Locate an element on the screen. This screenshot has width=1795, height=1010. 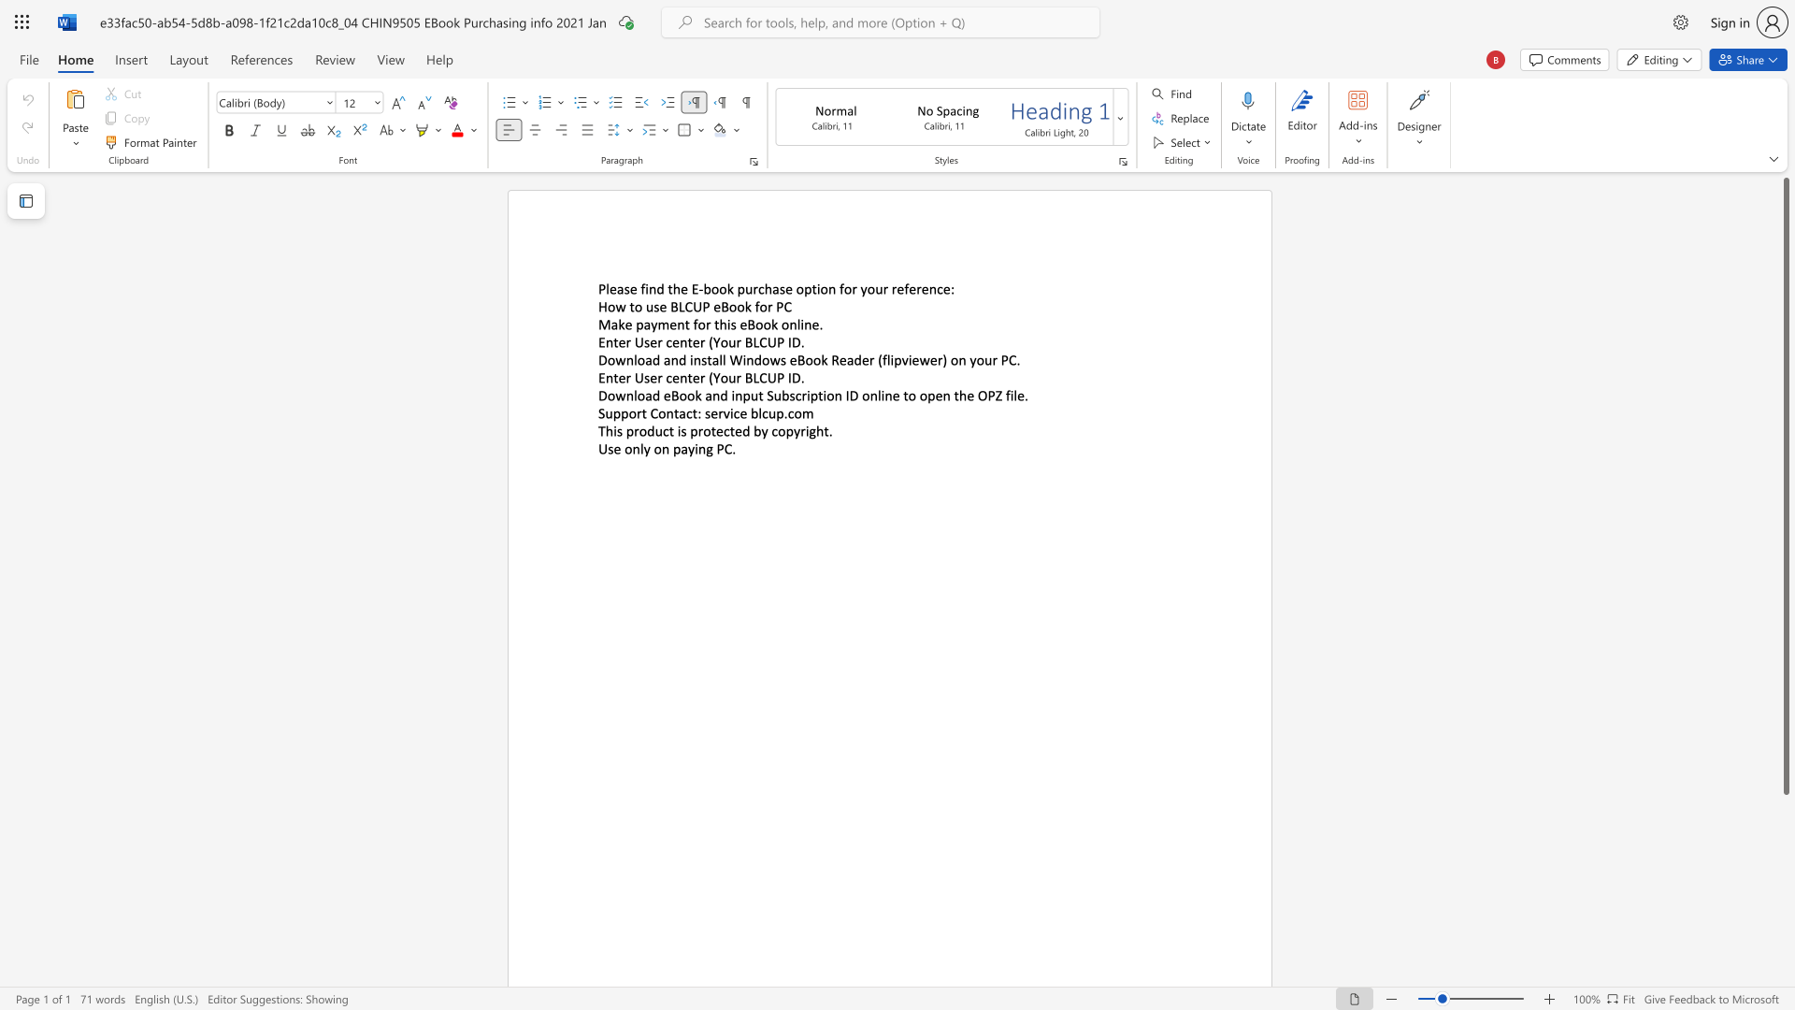
the scrollbar to move the content lower is located at coordinates (1785, 962).